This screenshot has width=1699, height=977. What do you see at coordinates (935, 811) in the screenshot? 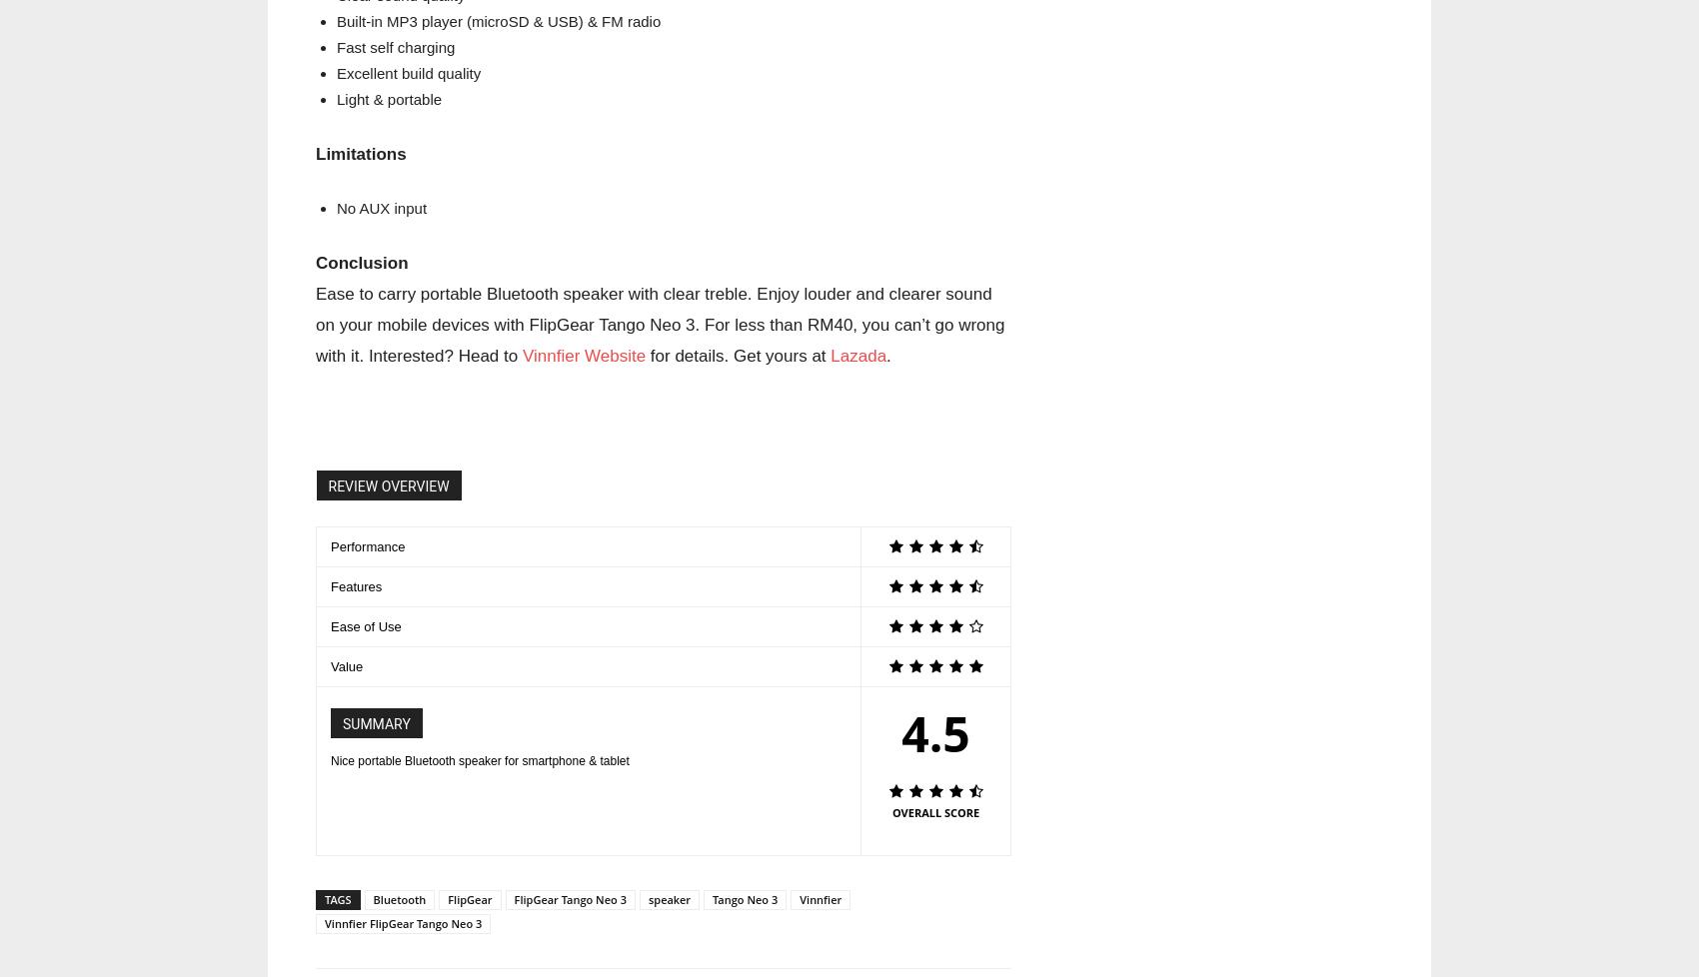
I see `'OVERALL SCORE'` at bounding box center [935, 811].